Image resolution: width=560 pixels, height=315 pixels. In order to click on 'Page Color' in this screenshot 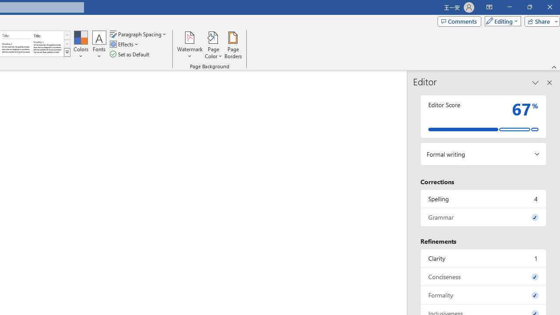, I will do `click(213, 45)`.